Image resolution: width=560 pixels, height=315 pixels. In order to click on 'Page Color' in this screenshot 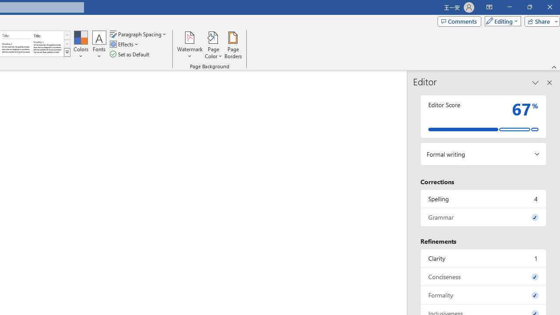, I will do `click(213, 45)`.